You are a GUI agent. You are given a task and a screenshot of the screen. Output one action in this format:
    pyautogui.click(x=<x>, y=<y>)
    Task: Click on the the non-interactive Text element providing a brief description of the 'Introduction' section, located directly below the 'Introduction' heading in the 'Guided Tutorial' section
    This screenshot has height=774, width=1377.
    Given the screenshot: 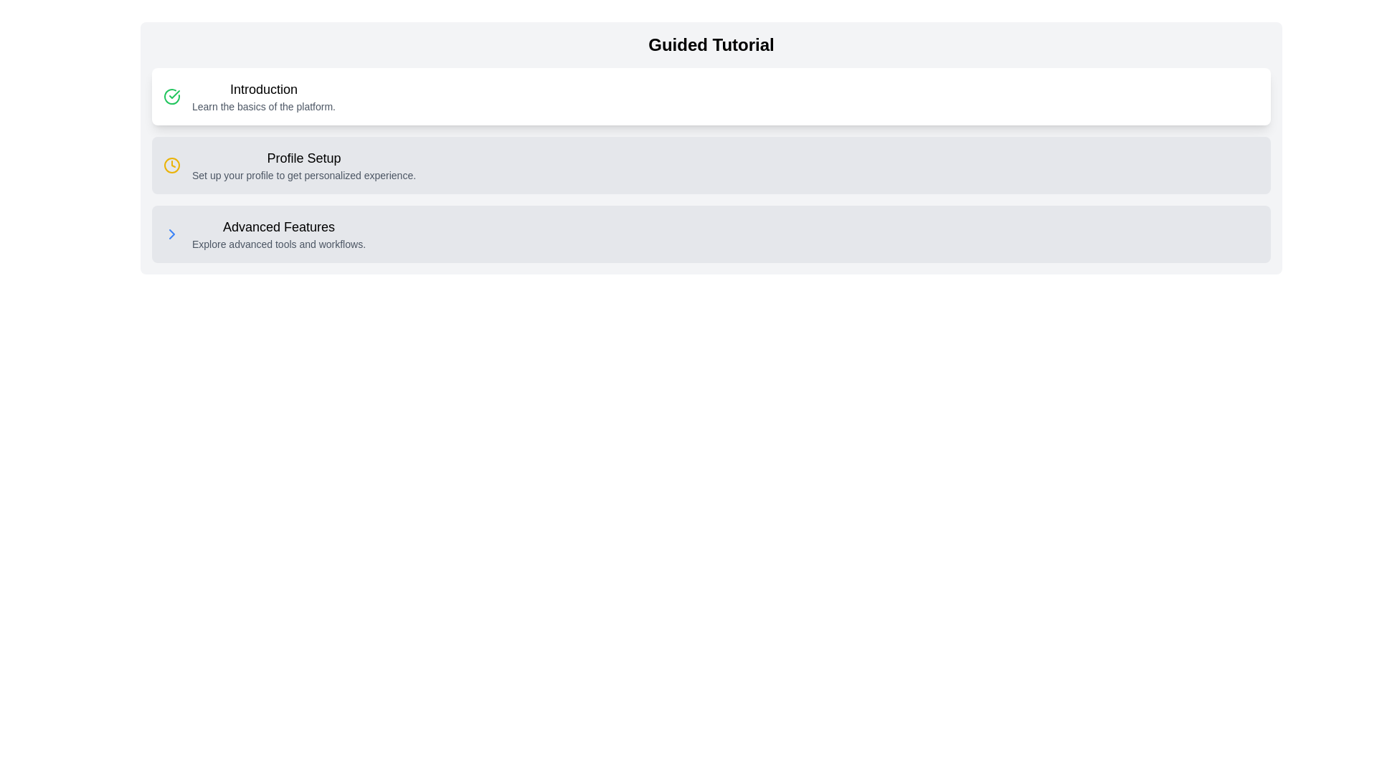 What is the action you would take?
    pyautogui.click(x=264, y=106)
    